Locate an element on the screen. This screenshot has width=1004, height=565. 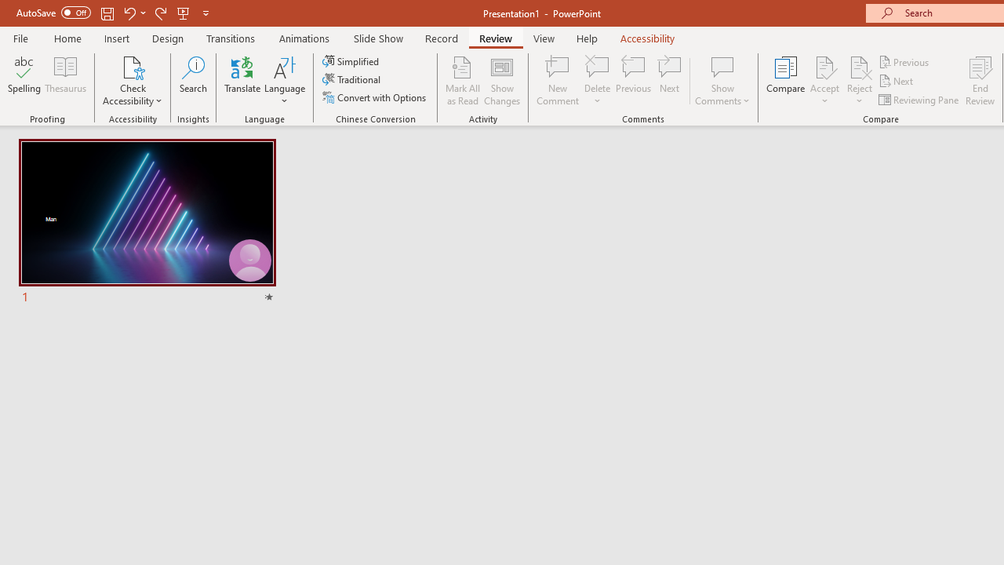
'Show Comments' is located at coordinates (722, 81).